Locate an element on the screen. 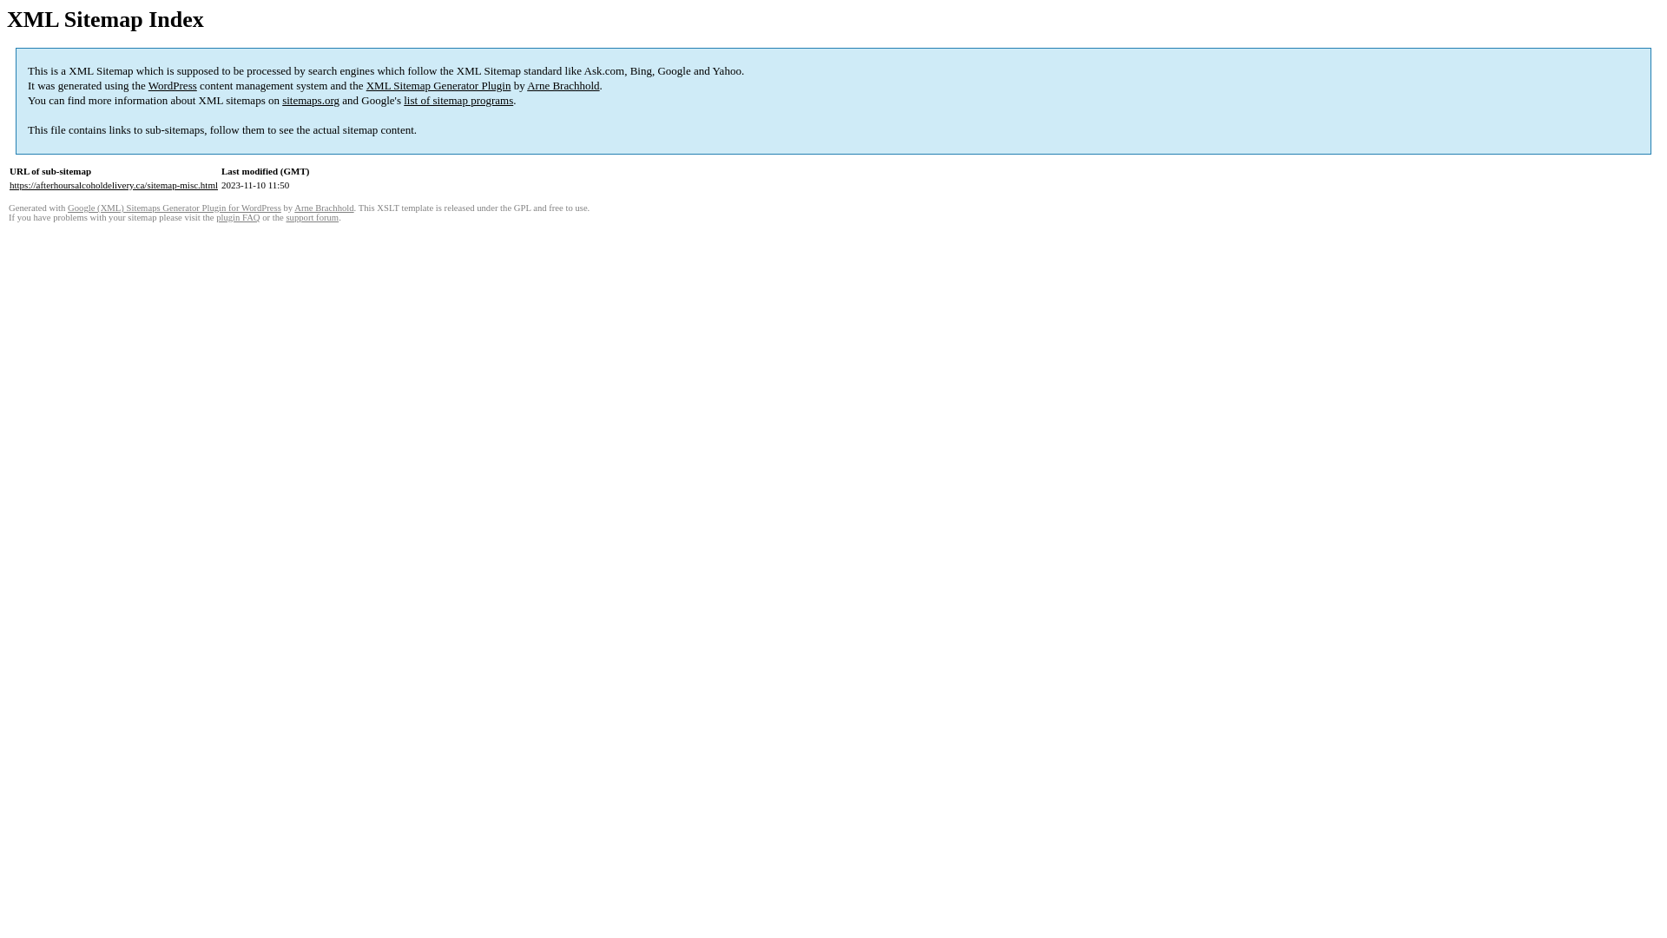 This screenshot has width=1667, height=938. 'plugin FAQ' is located at coordinates (236, 216).